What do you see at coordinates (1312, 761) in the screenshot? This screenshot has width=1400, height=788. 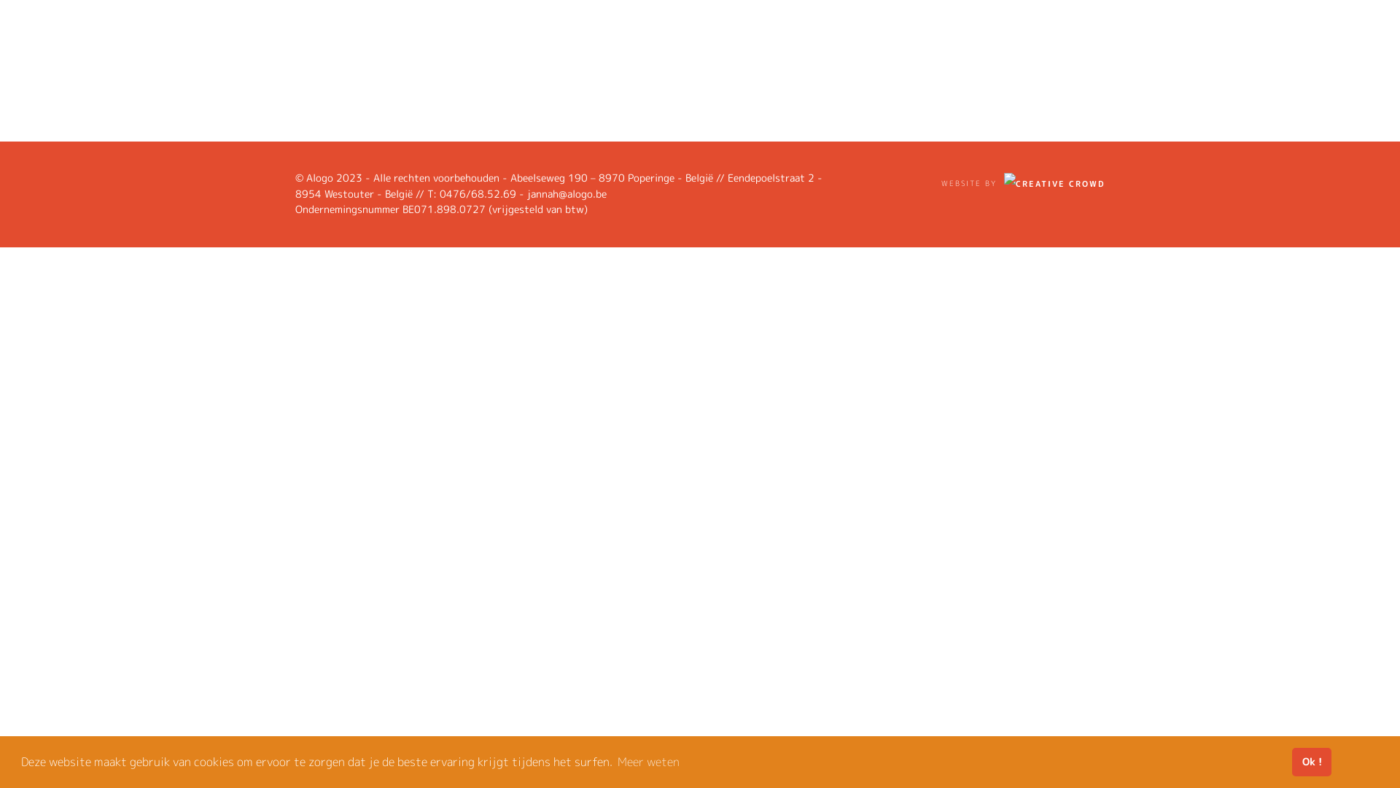 I see `'Ok !'` at bounding box center [1312, 761].